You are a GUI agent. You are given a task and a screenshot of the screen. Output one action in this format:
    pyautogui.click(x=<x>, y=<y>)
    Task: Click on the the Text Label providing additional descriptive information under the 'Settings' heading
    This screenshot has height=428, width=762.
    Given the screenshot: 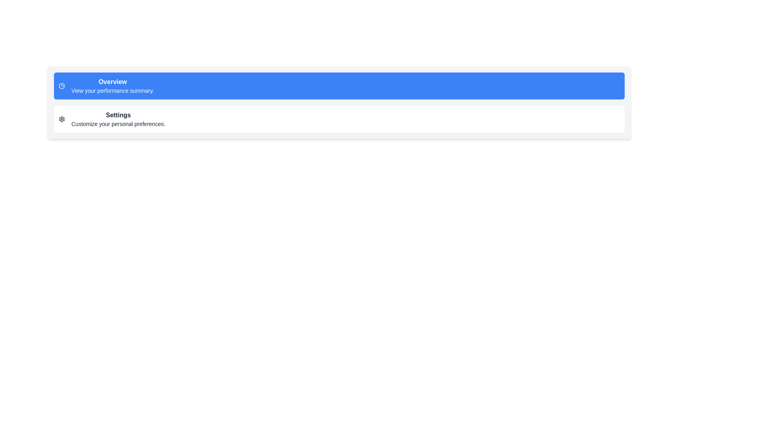 What is the action you would take?
    pyautogui.click(x=118, y=124)
    